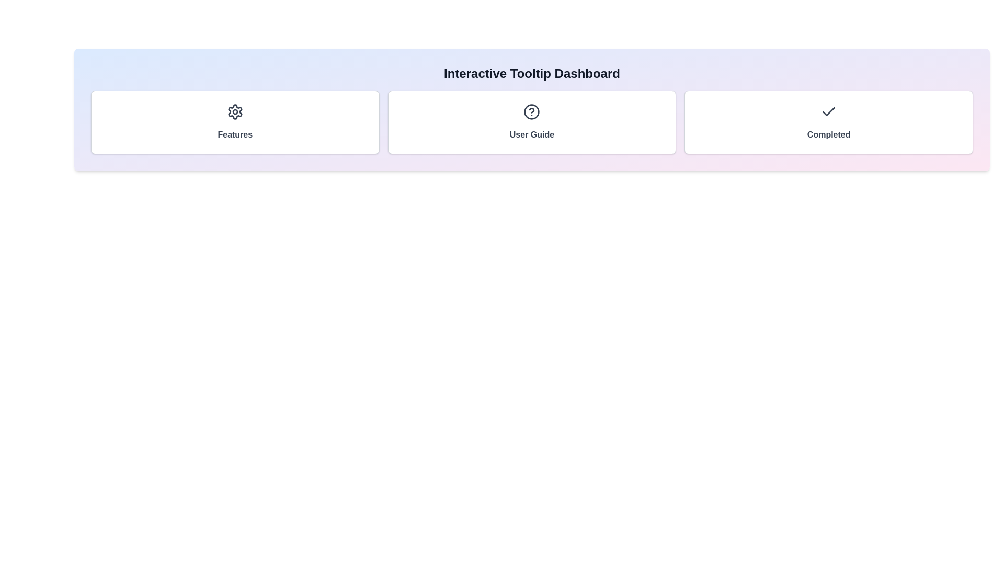 This screenshot has width=1004, height=565. Describe the element at coordinates (234, 111) in the screenshot. I see `the gear icon located at the leftmost position of the horizontal row of icons within the 'Features' card` at that location.